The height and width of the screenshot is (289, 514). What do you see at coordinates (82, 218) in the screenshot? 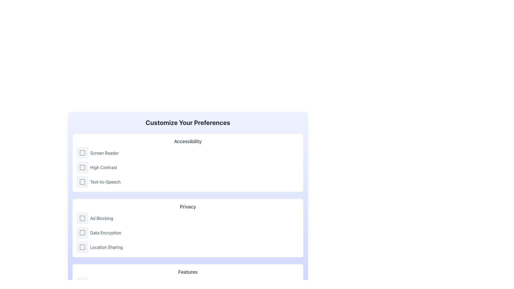
I see `the 'Ad Blocking' checkbox` at bounding box center [82, 218].